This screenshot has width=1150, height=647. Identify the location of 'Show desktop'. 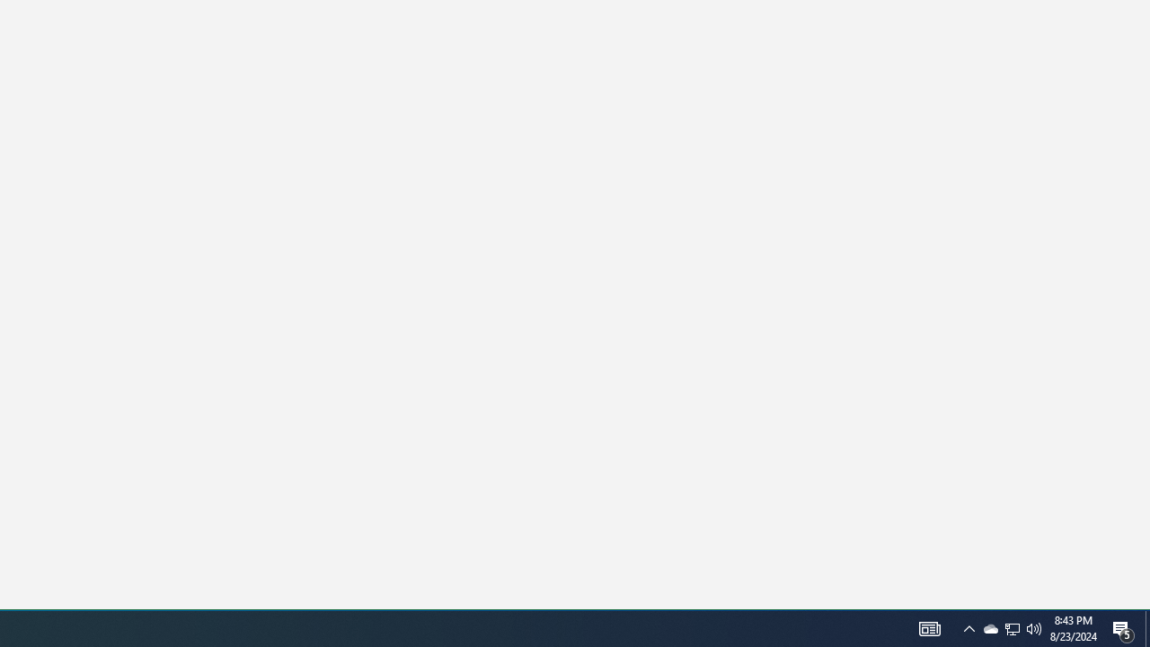
(1123, 627).